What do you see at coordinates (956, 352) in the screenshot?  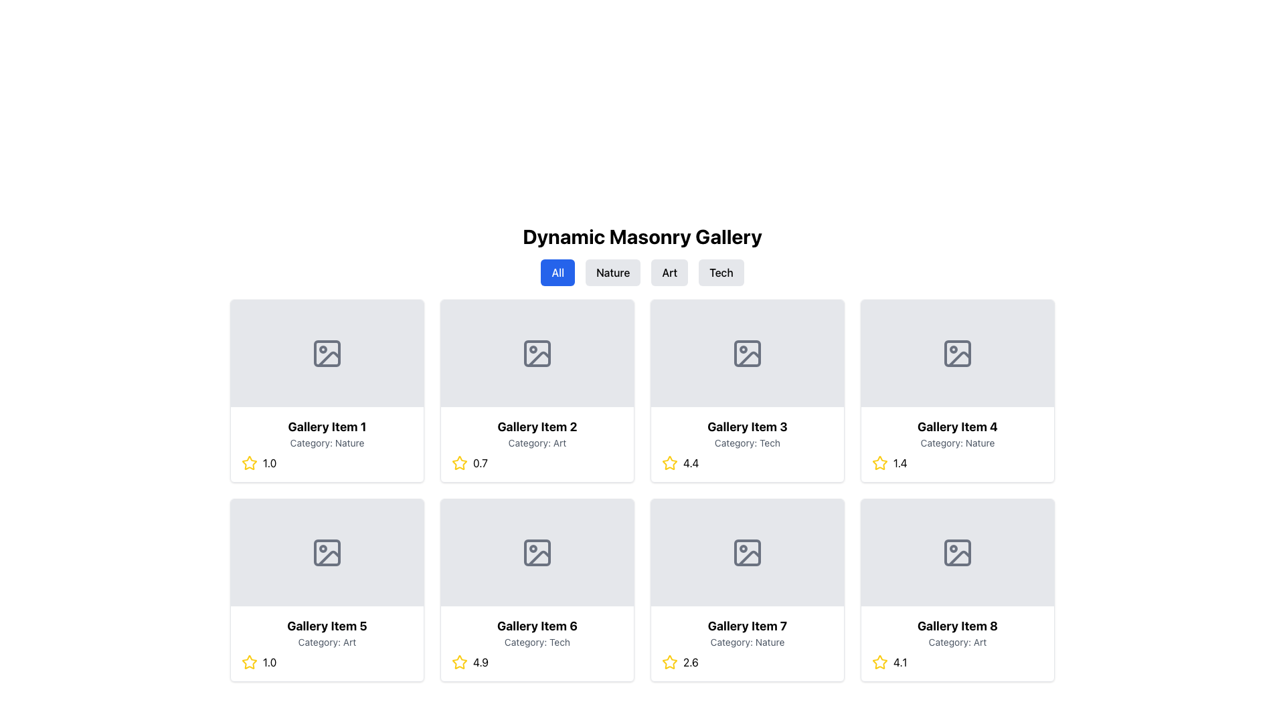 I see `the image placeholder located in the fourth card of the gallery grid labeled 'Gallery Item 4' with category 'Nature' and a rating of 1.4` at bounding box center [956, 352].